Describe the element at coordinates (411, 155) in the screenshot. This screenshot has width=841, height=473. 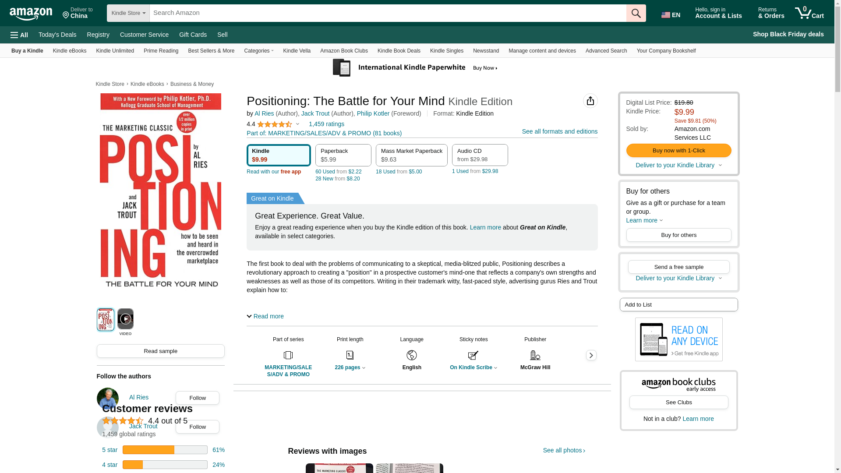
I see `'Mass Market Paperback` at that location.